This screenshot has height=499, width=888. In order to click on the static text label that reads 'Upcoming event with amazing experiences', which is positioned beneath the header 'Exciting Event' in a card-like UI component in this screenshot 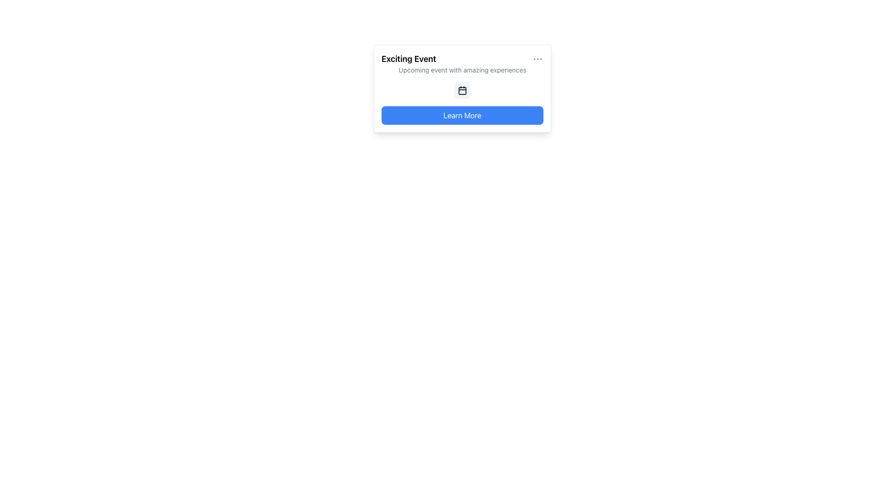, I will do `click(462, 69)`.